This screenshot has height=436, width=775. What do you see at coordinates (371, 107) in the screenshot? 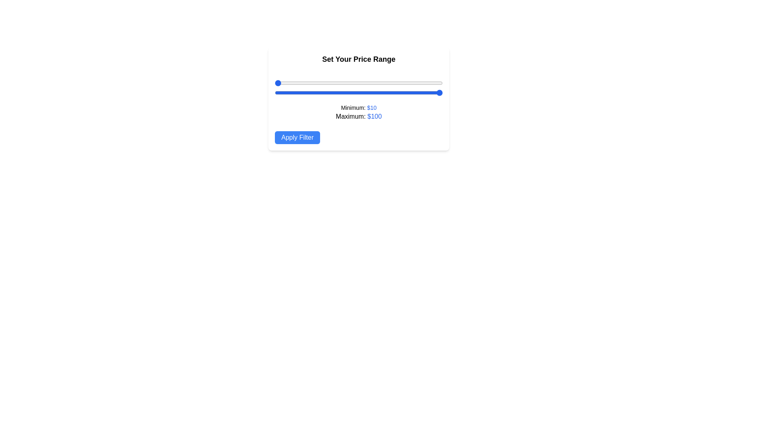
I see `the text element displaying '$10' in blue, located to the right of the label 'Minimum:' within the price range section` at bounding box center [371, 107].